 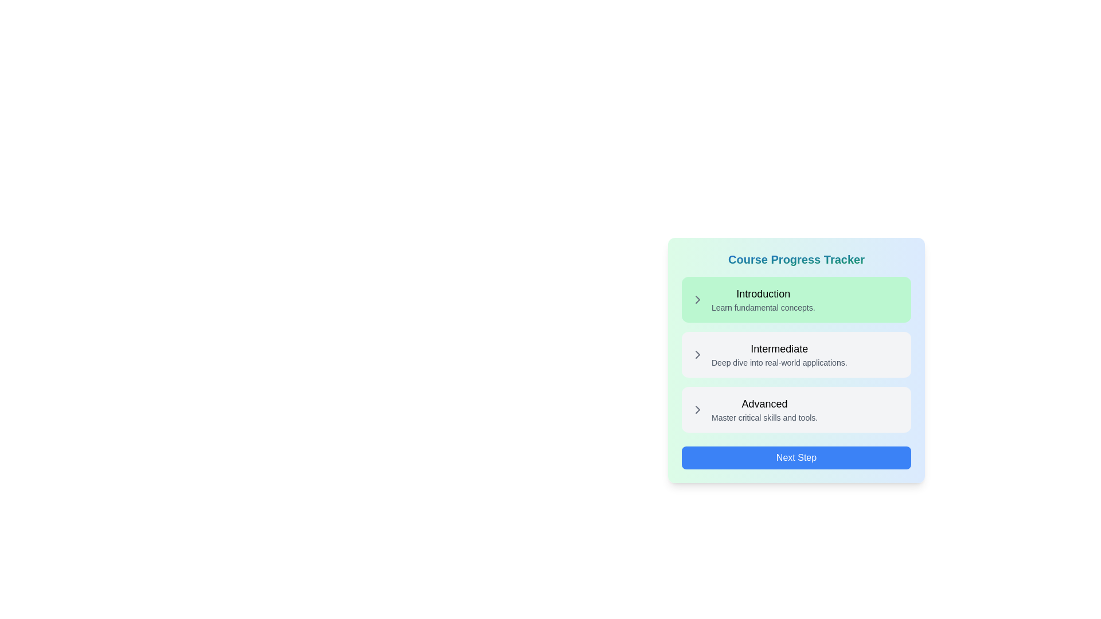 What do you see at coordinates (697, 354) in the screenshot?
I see `the arrow for 'Intermediate'` at bounding box center [697, 354].